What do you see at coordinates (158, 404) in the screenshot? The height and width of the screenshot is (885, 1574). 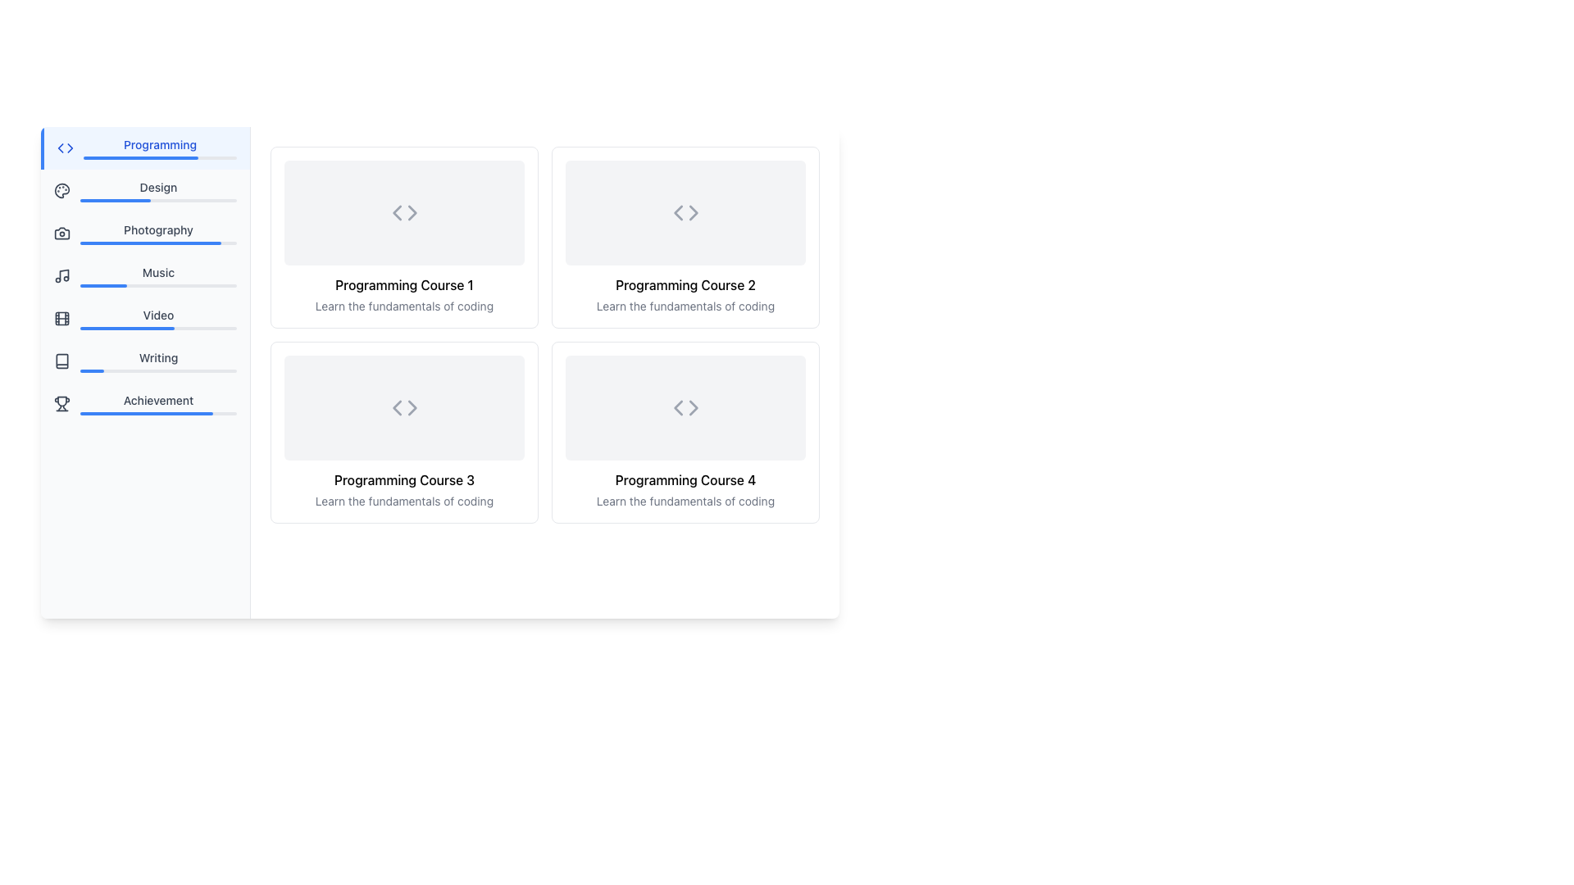 I see `the navigation item for 'Achievement' located in the vertical menu on the left side panel` at bounding box center [158, 404].